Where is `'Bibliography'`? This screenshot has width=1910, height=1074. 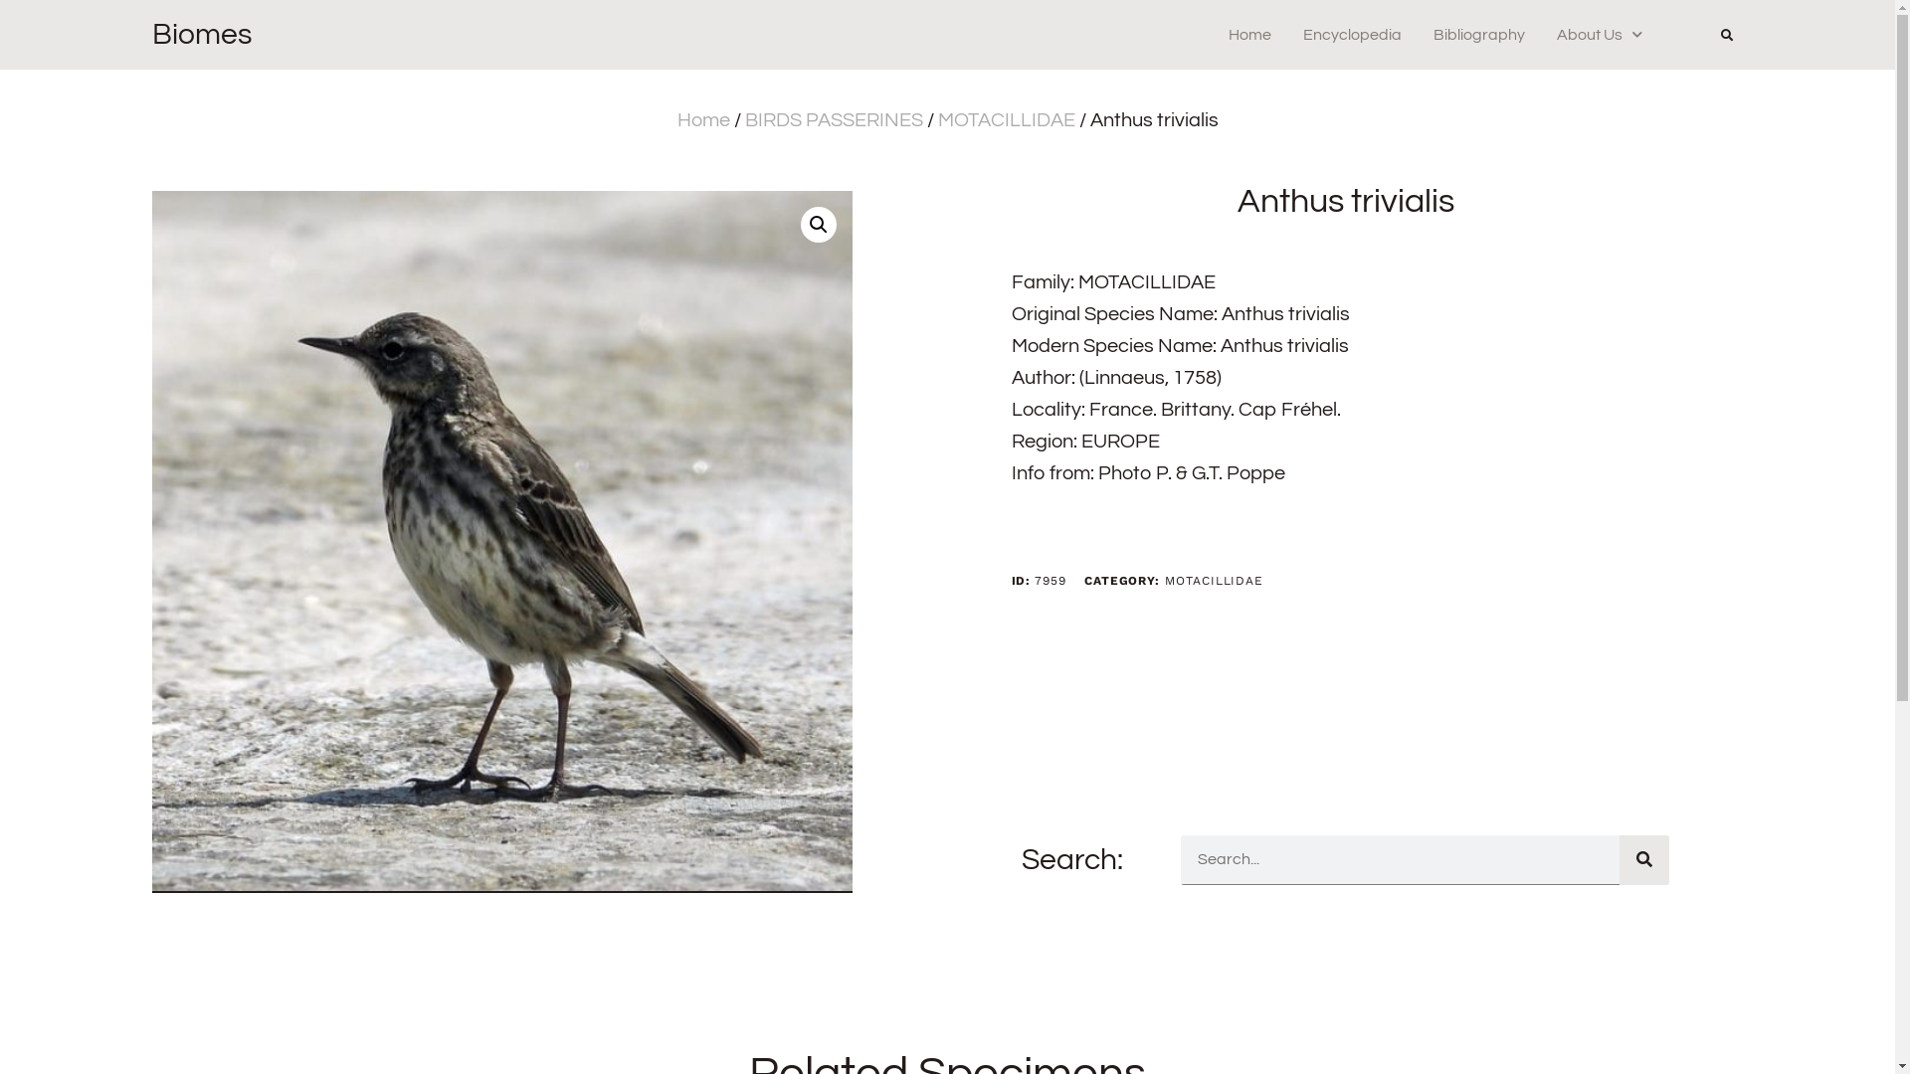
'Bibliography' is located at coordinates (1432, 34).